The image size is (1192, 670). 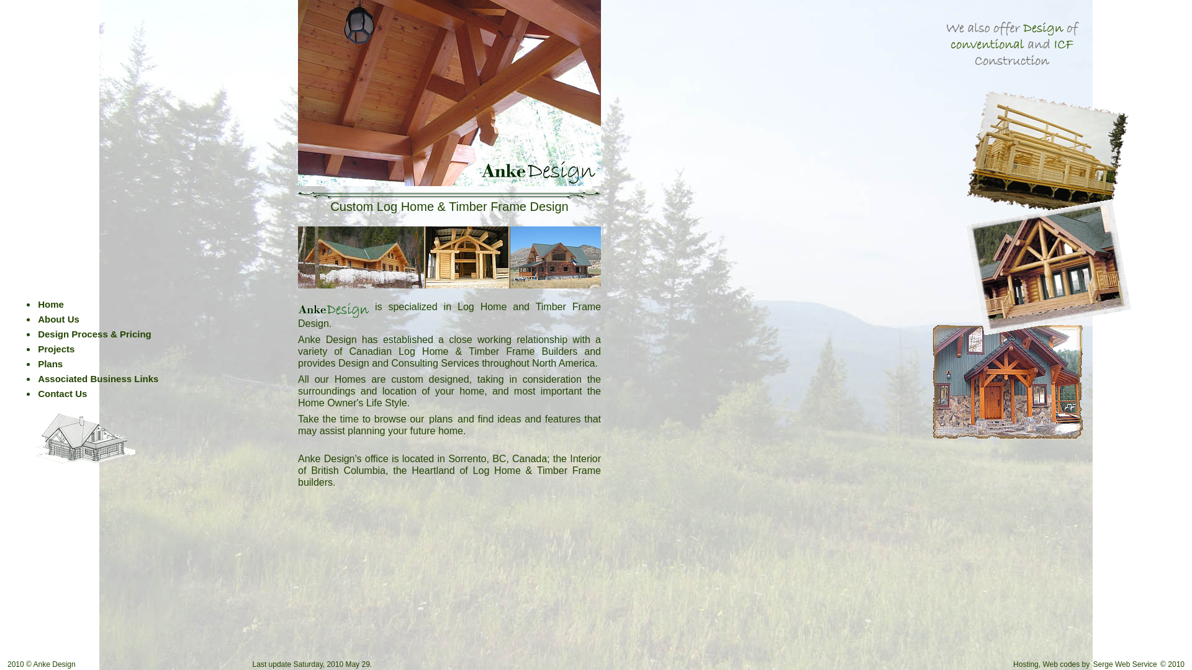 I want to click on 'Associated Business Links', so click(x=97, y=378).